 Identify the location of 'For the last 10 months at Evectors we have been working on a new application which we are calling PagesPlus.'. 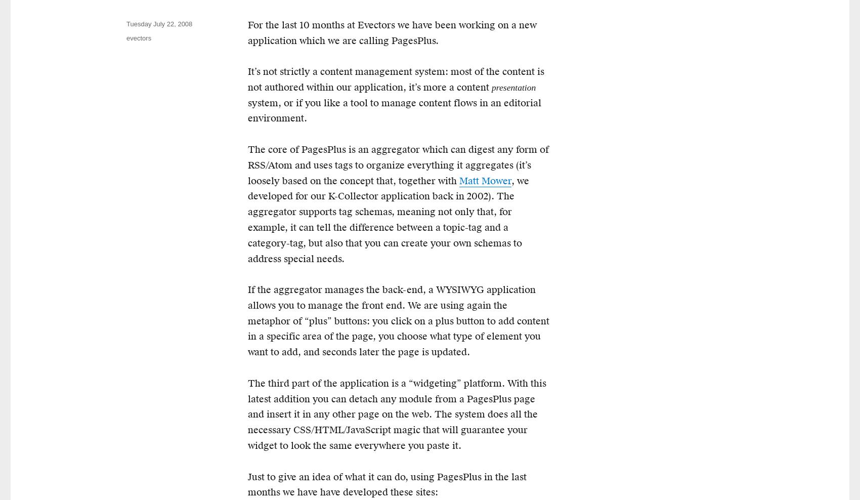
(392, 32).